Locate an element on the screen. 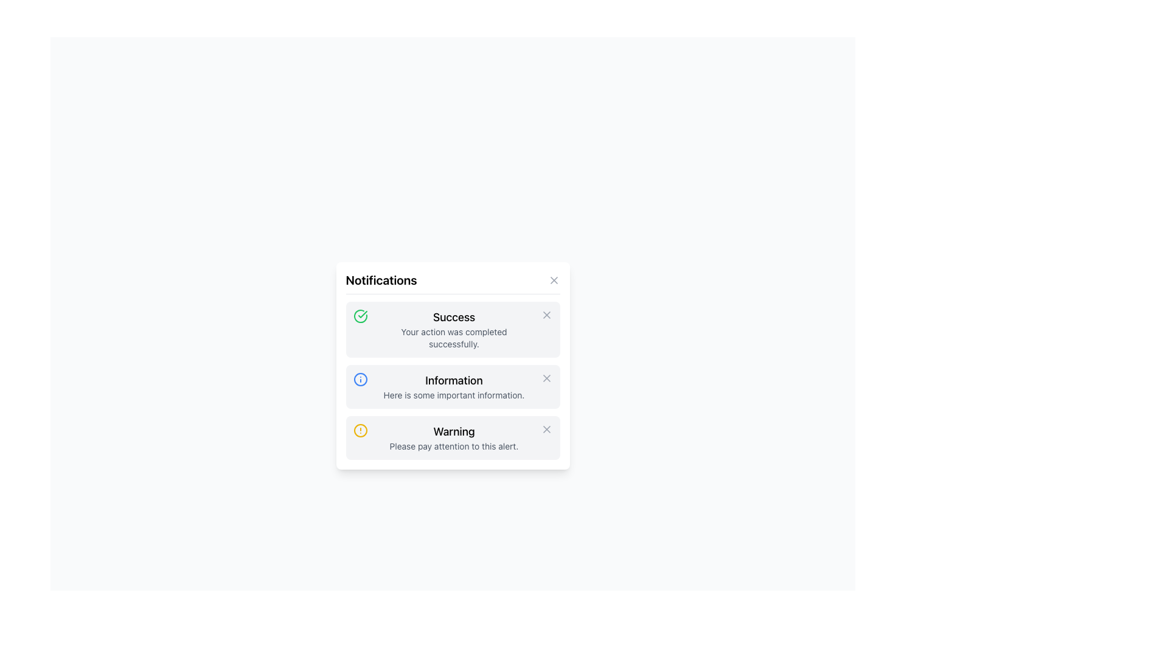 This screenshot has height=657, width=1168. the close button located in the top-right corner of the 'Warning' notification is located at coordinates (546, 428).